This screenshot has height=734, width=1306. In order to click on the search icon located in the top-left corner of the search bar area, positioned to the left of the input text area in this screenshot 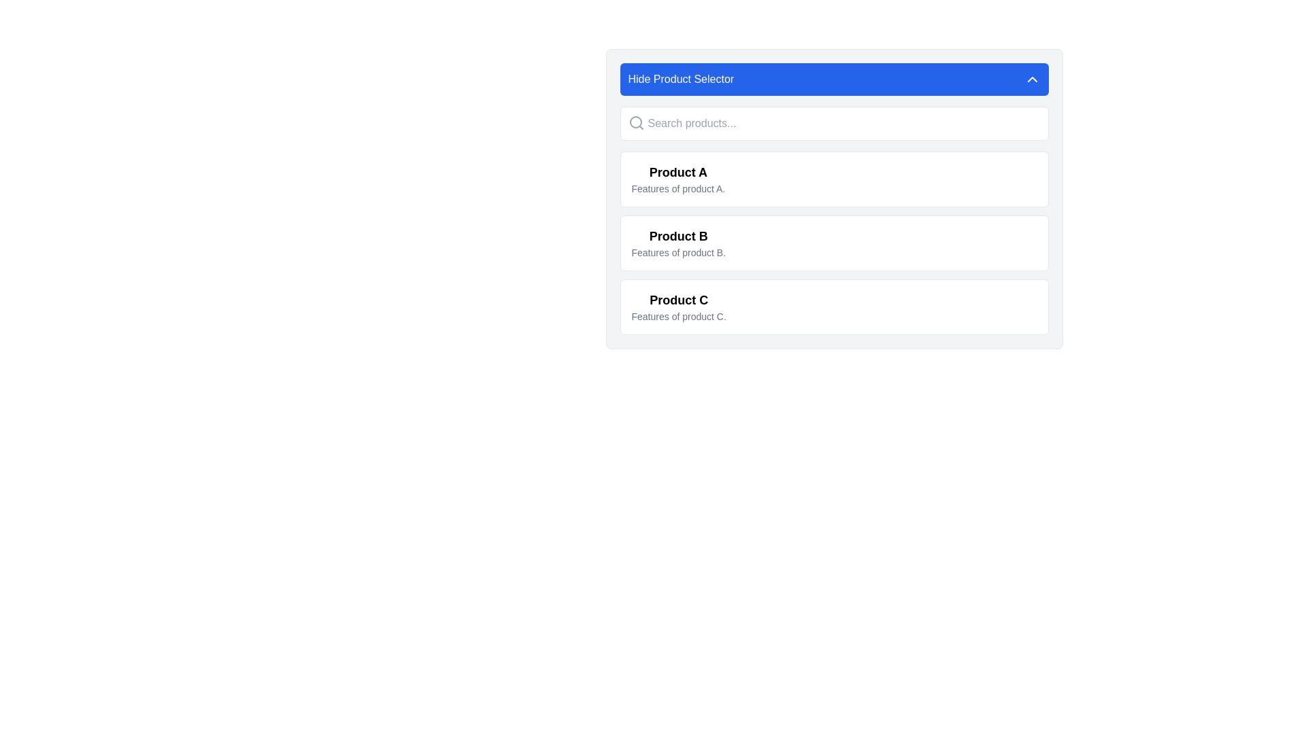, I will do `click(635, 123)`.